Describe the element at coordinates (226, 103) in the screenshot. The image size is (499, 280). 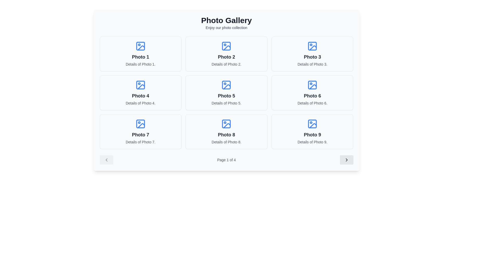
I see `the text label that provides additional information about 'Photo 5', located in the second row of a three-row, three-column grid layout` at that location.